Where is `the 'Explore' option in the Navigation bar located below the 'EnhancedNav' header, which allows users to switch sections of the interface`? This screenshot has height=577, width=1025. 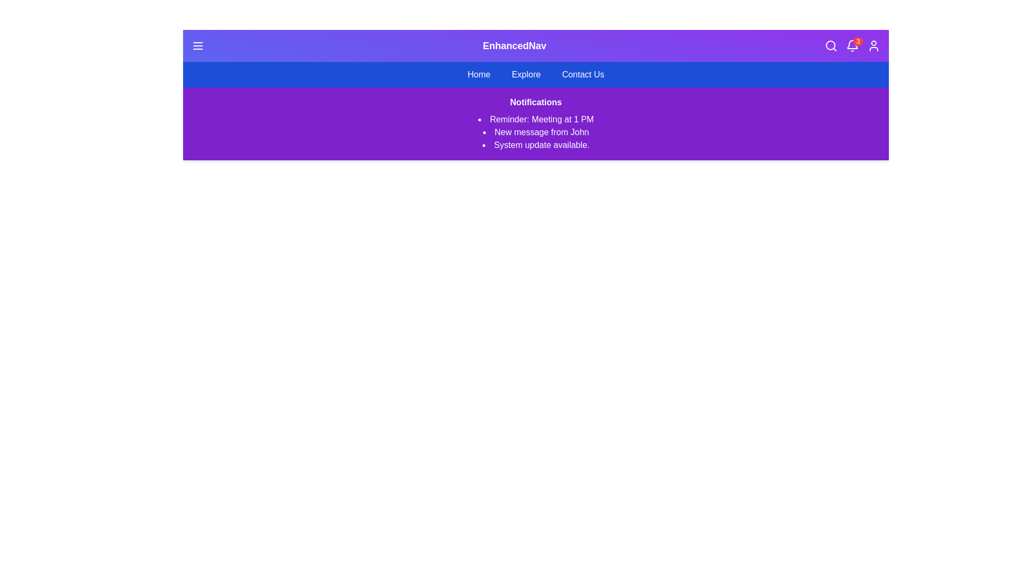 the 'Explore' option in the Navigation bar located below the 'EnhancedNav' header, which allows users to switch sections of the interface is located at coordinates (535, 74).